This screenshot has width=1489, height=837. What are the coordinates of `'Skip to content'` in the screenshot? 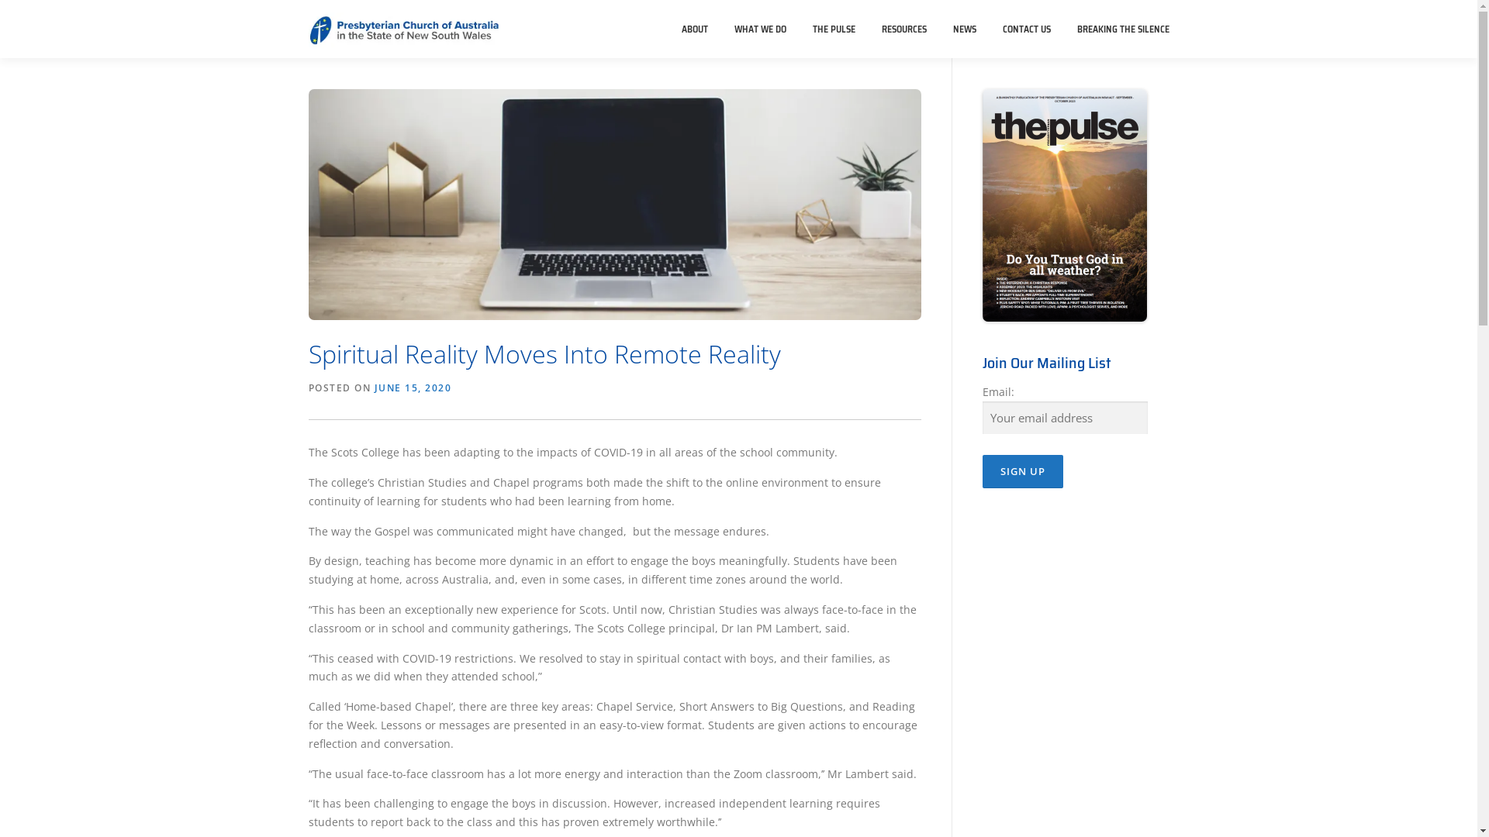 It's located at (38, 9).